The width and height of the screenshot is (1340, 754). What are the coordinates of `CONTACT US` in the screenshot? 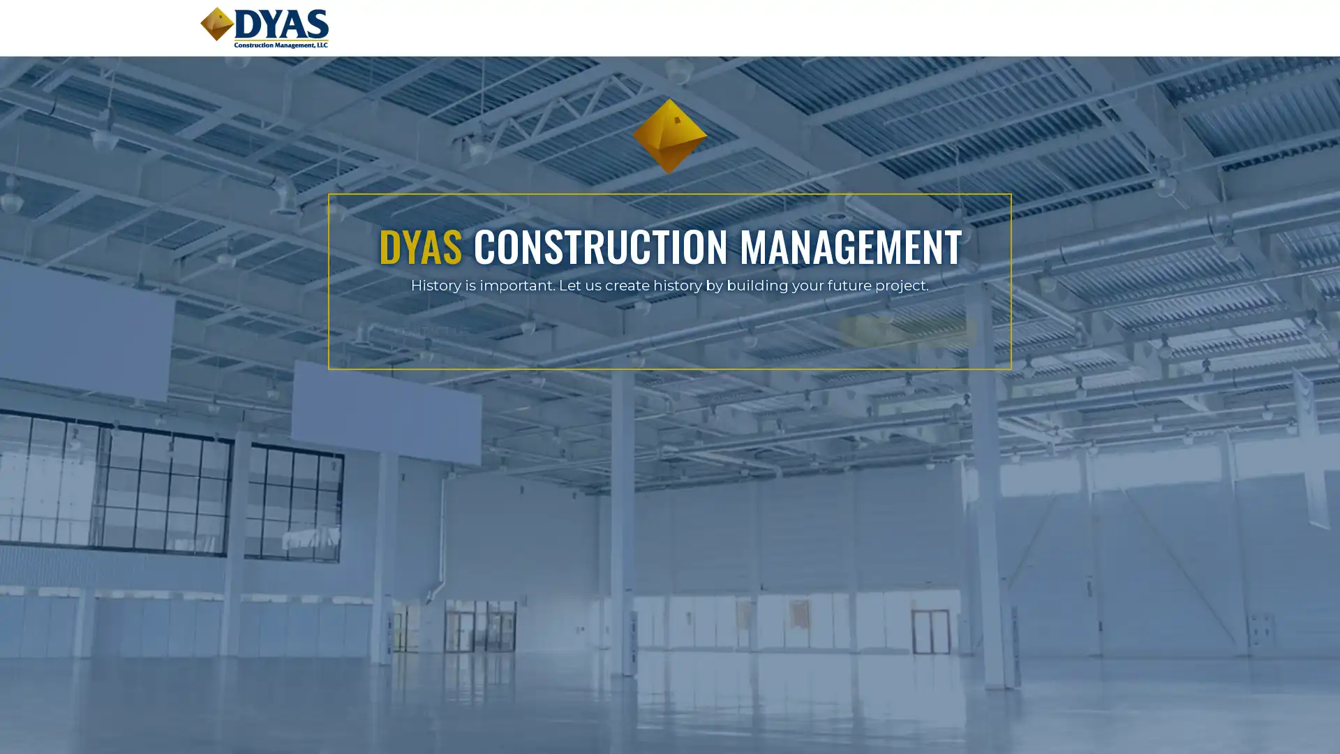 It's located at (586, 331).